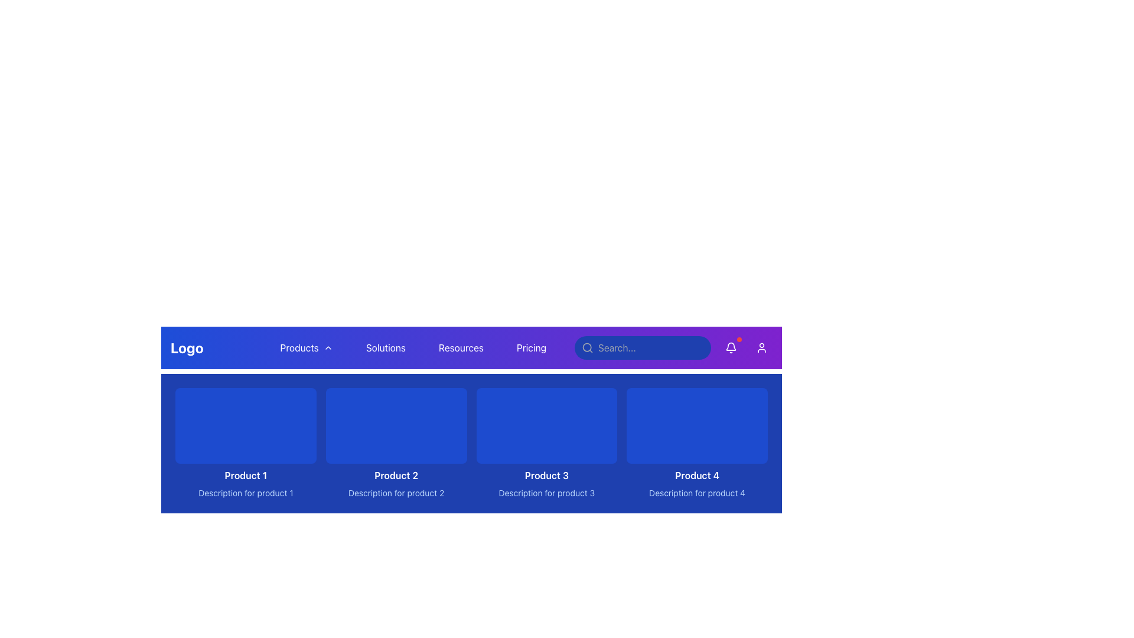 This screenshot has height=638, width=1134. I want to click on the text label reading 'Product 2', which is styled with a bold font and is white in color against a blue background, located in the second column of the grid, so click(396, 475).